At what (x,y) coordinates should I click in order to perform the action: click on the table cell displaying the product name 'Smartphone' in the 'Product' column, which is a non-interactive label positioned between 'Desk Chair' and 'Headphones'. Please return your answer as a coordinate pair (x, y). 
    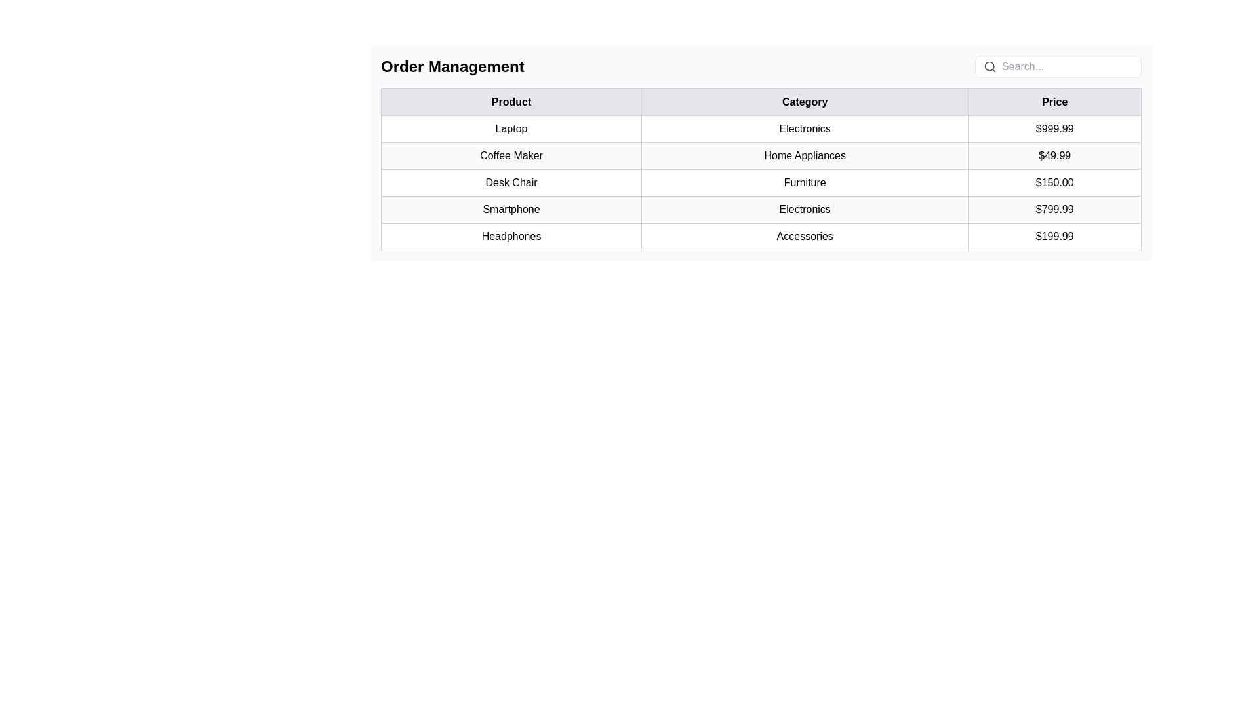
    Looking at the image, I should click on (511, 209).